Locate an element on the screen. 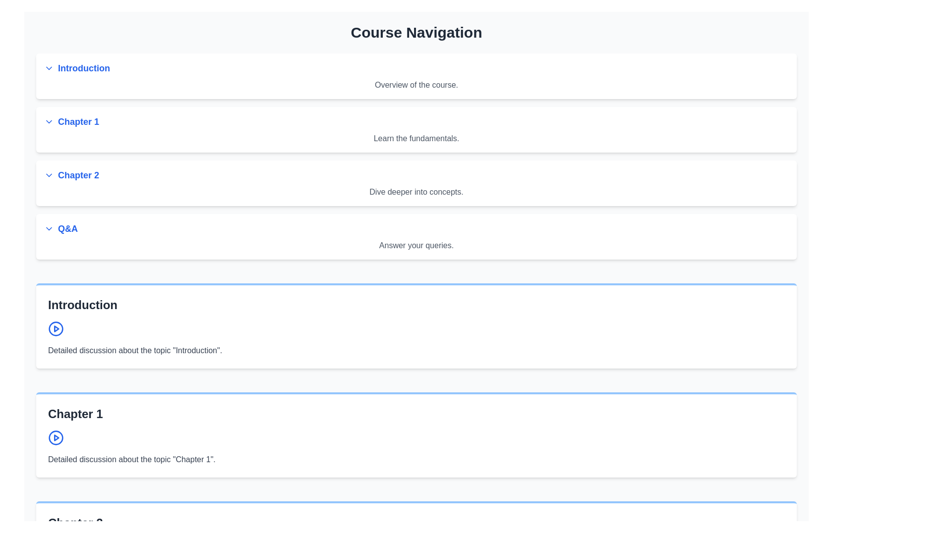 This screenshot has height=535, width=952. the Play button located in the 'Introduction' section is located at coordinates (56, 328).